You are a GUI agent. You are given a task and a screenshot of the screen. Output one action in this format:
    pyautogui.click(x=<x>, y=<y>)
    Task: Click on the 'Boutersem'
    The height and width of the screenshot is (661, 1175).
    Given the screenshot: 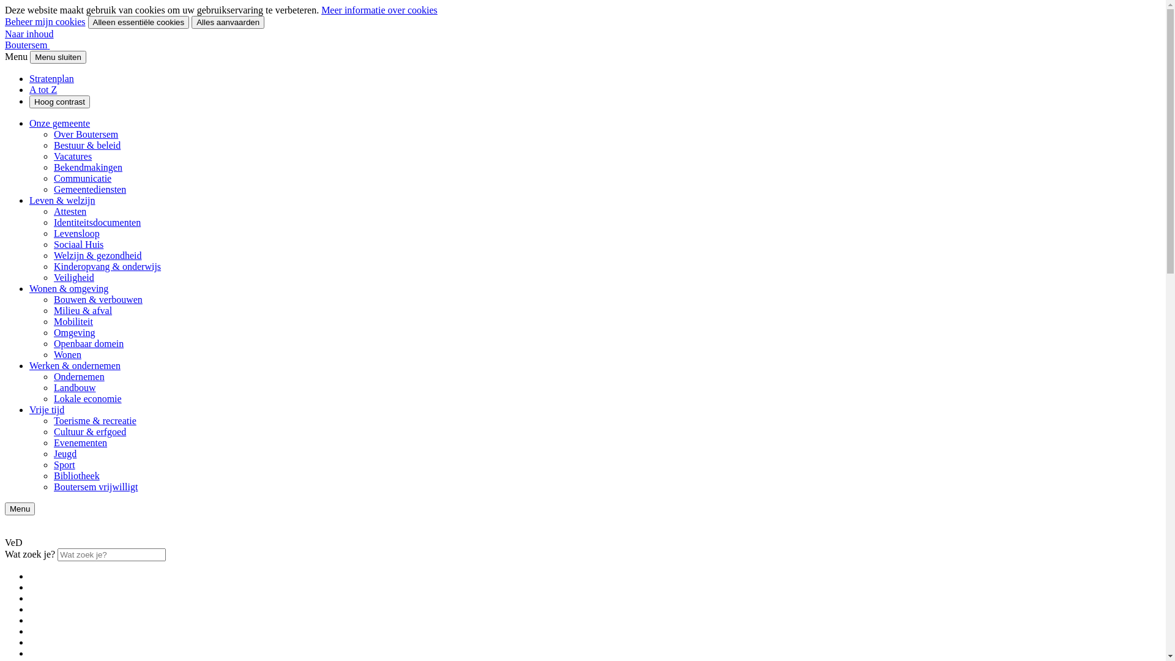 What is the action you would take?
    pyautogui.click(x=27, y=44)
    